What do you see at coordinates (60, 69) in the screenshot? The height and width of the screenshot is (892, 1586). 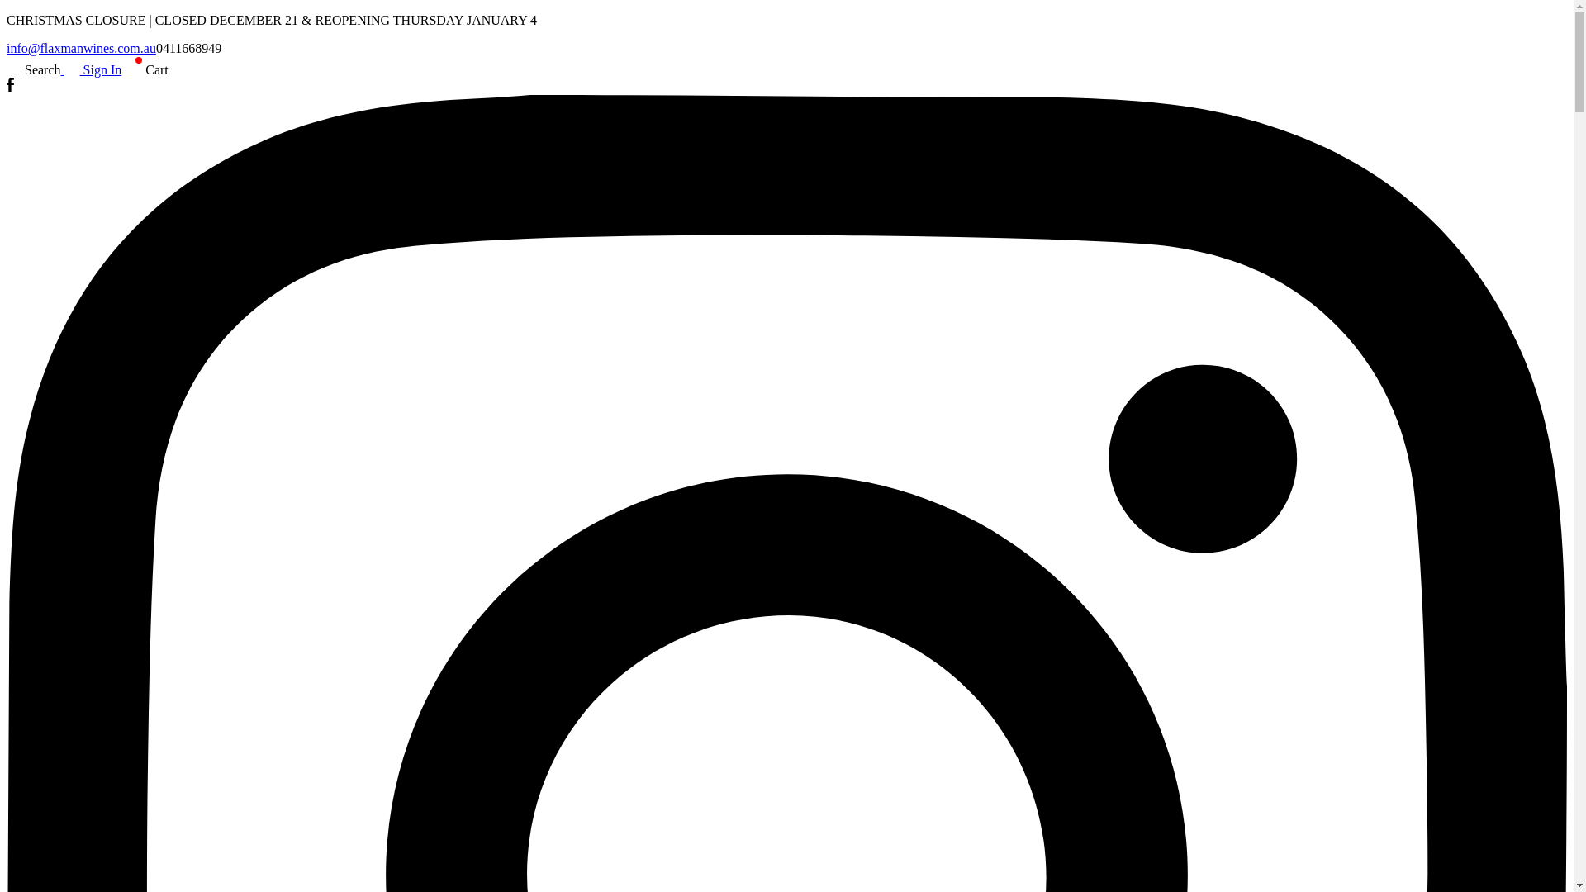 I see `'Sign In'` at bounding box center [60, 69].